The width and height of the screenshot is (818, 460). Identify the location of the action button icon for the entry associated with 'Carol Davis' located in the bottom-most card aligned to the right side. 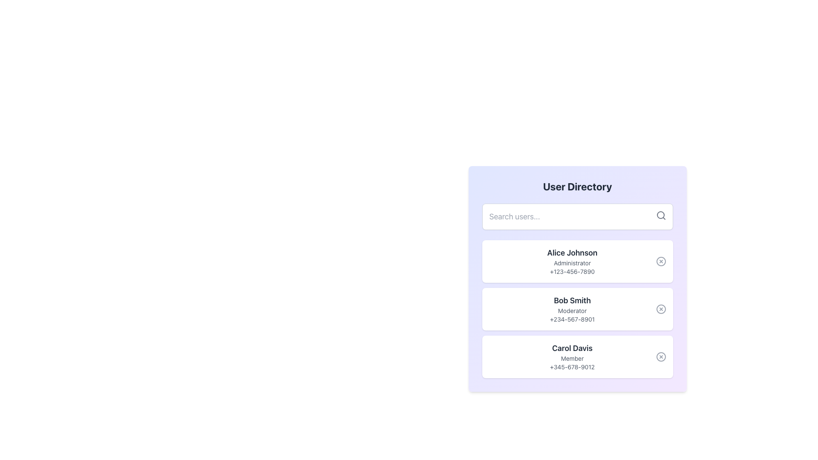
(660, 356).